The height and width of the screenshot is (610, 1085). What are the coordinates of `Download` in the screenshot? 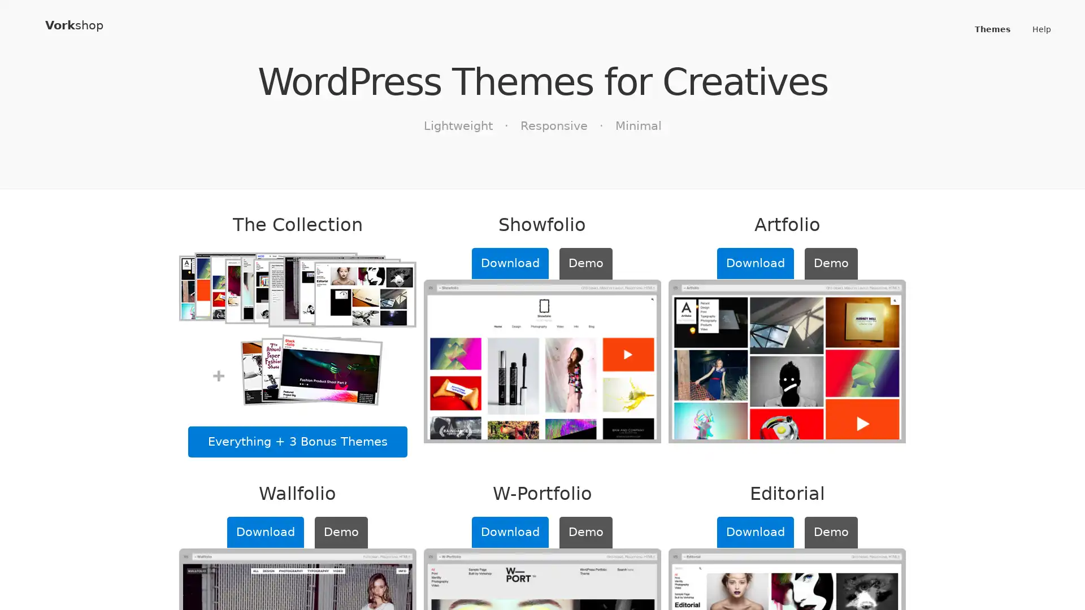 It's located at (754, 263).